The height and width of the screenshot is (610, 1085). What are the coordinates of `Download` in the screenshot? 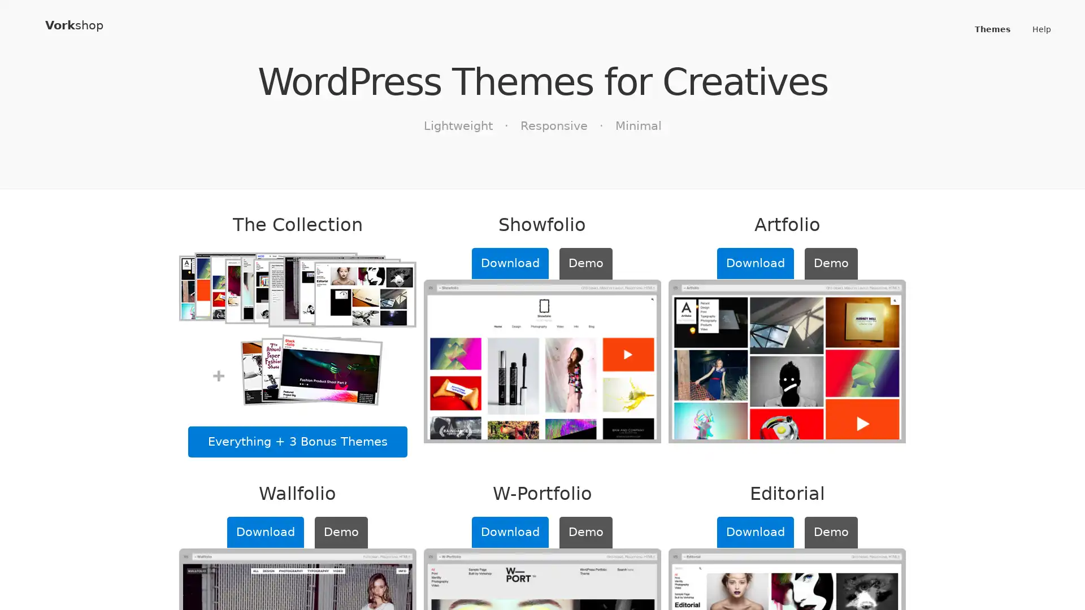 It's located at (754, 263).